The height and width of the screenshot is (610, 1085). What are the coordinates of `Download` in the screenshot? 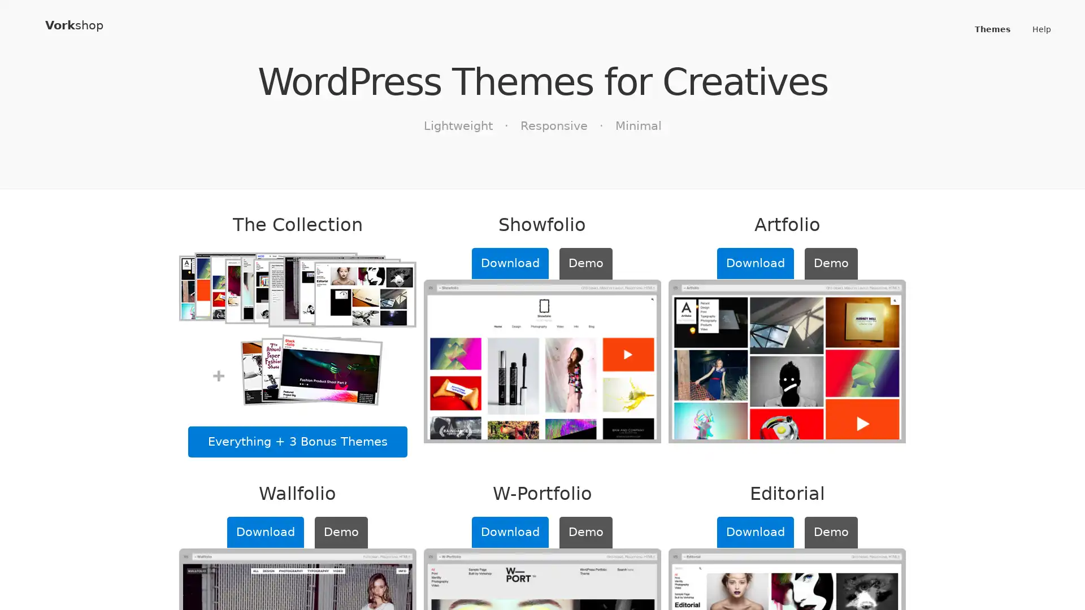 It's located at (754, 263).